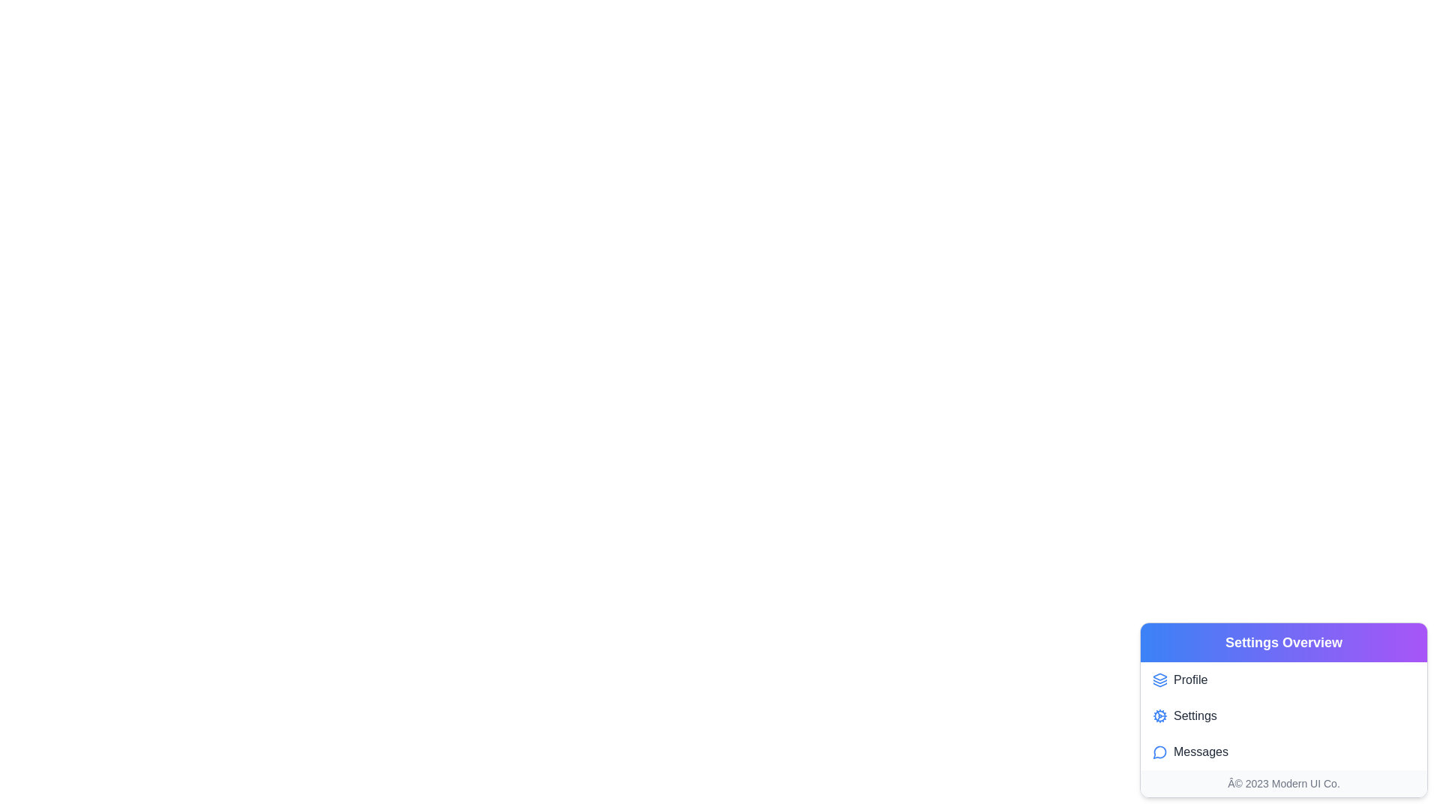  What do you see at coordinates (1201, 751) in the screenshot?
I see `the 'Messages' navigation link located as the third item under the 'Settings Overview' section in the sidebar` at bounding box center [1201, 751].